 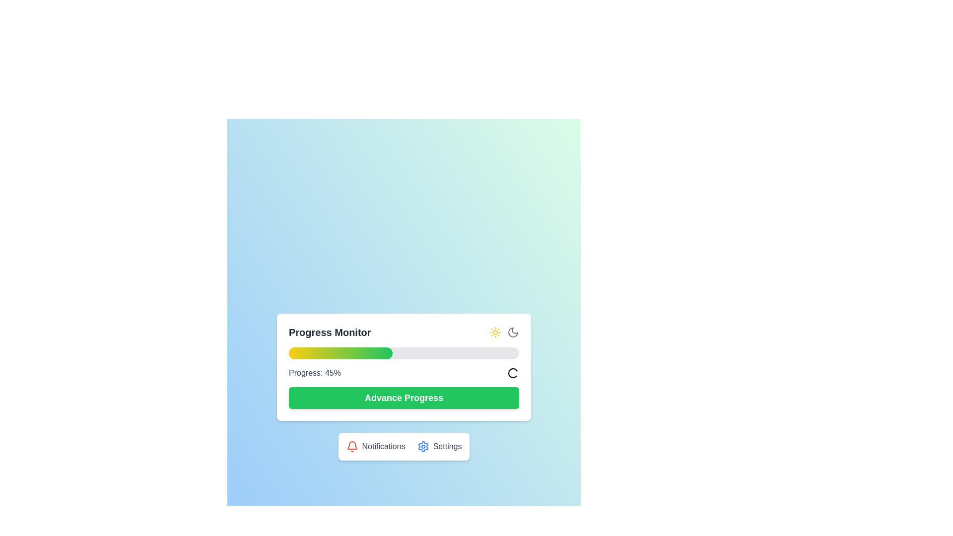 I want to click on the 'Settings' section of the button group located beneath the 'Advance Progress' button, so click(x=404, y=446).